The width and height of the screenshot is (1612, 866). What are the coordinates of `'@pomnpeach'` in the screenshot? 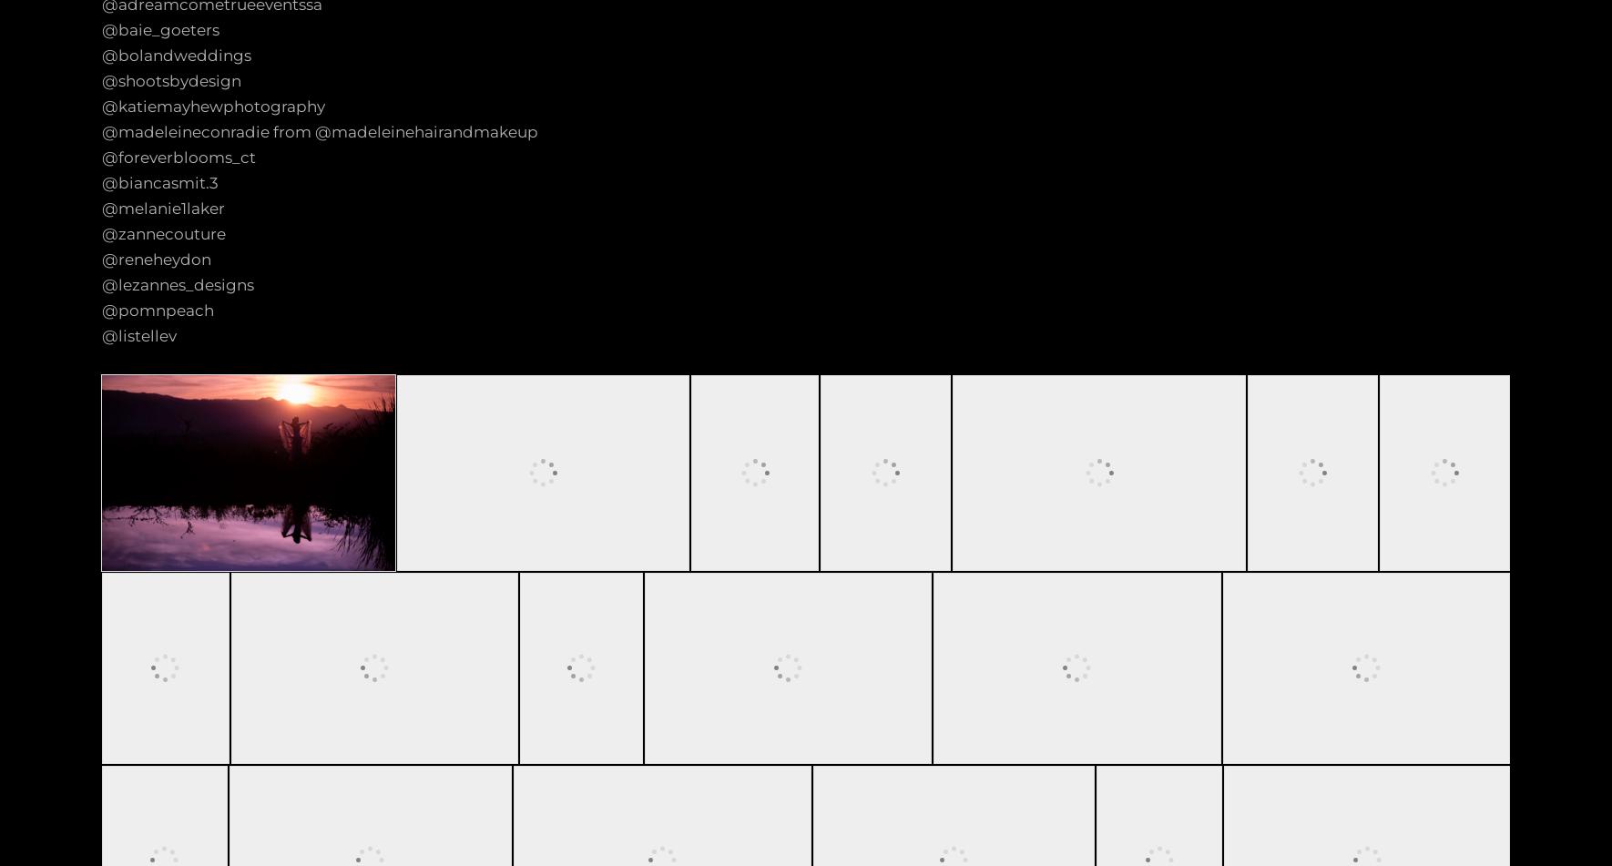 It's located at (158, 311).